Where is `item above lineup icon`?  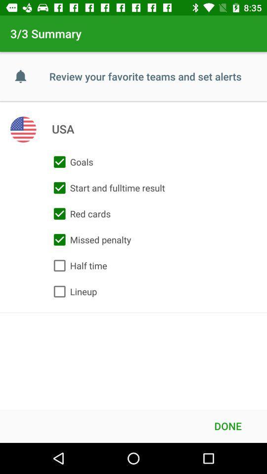 item above lineup icon is located at coordinates (78, 265).